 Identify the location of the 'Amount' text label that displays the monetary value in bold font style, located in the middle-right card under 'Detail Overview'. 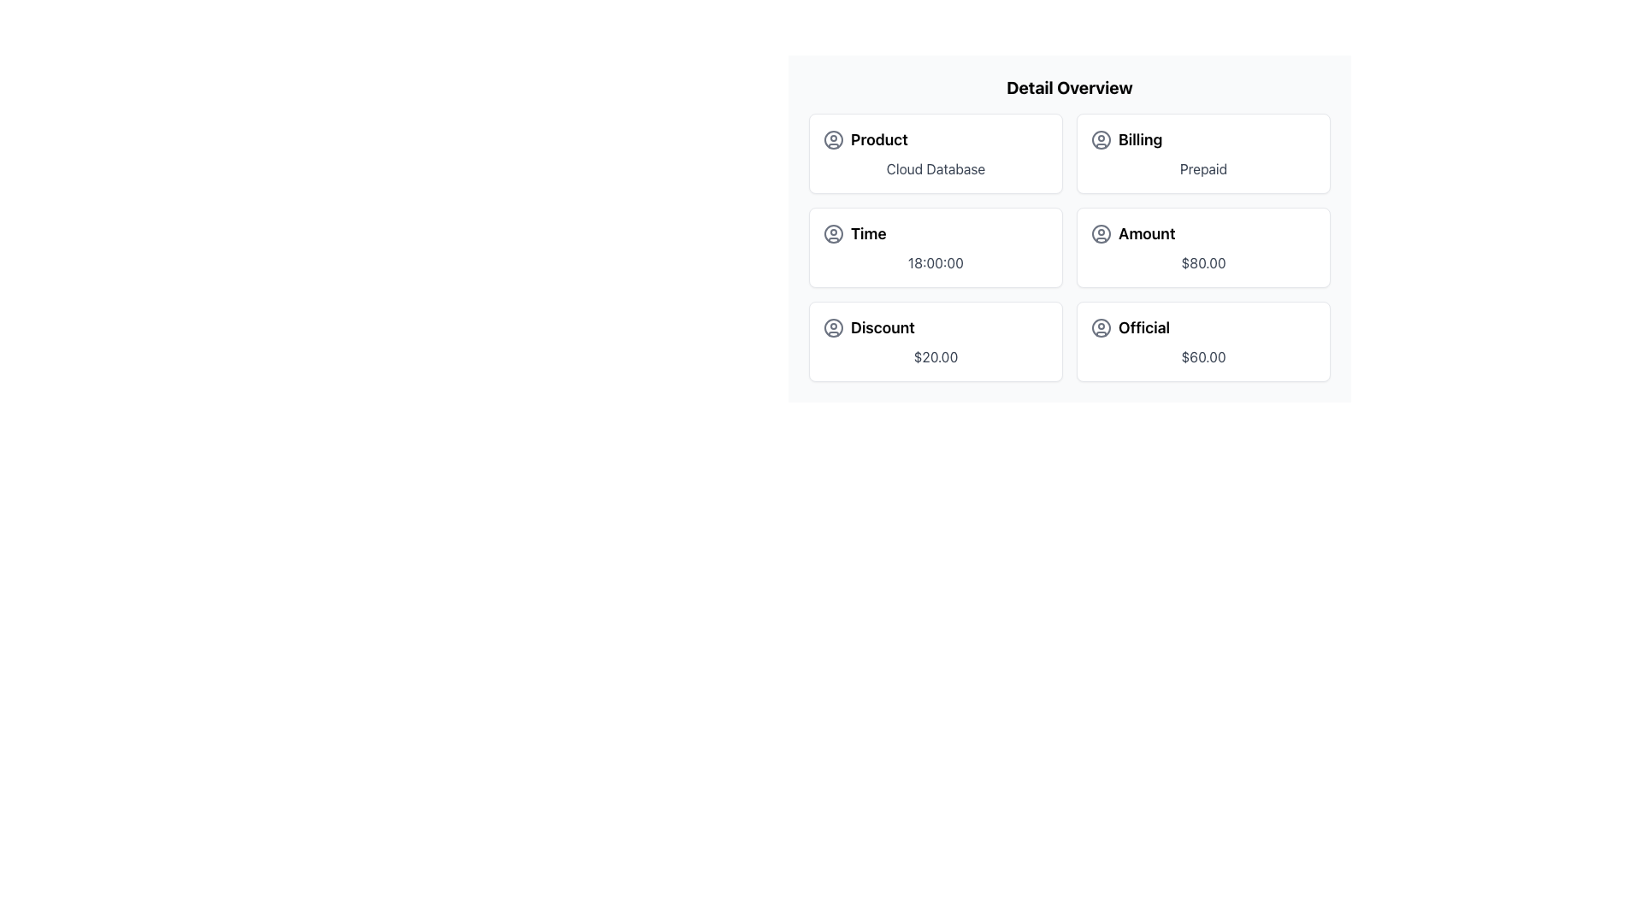
(1147, 233).